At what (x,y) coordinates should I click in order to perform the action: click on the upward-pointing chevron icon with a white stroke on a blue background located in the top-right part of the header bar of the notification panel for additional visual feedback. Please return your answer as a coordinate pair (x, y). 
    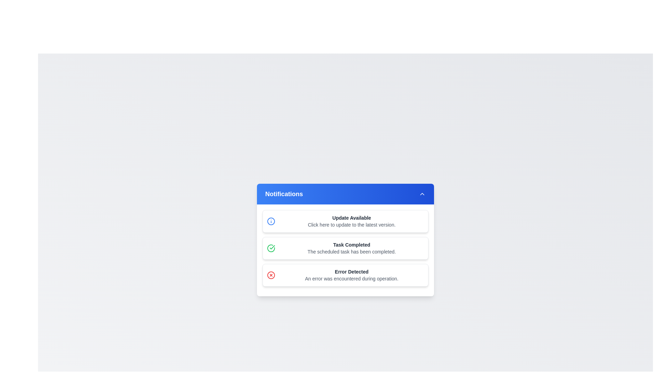
    Looking at the image, I should click on (422, 194).